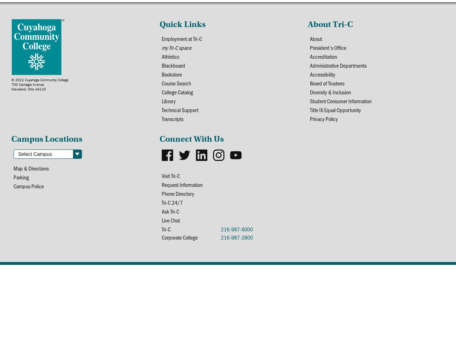  I want to click on 'Bookstore', so click(161, 74).